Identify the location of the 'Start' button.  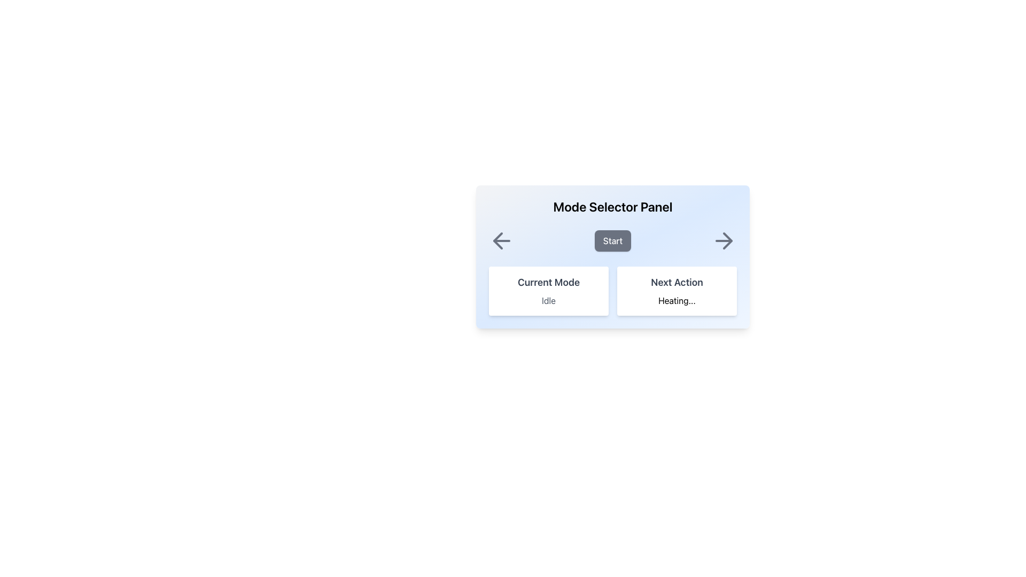
(613, 241).